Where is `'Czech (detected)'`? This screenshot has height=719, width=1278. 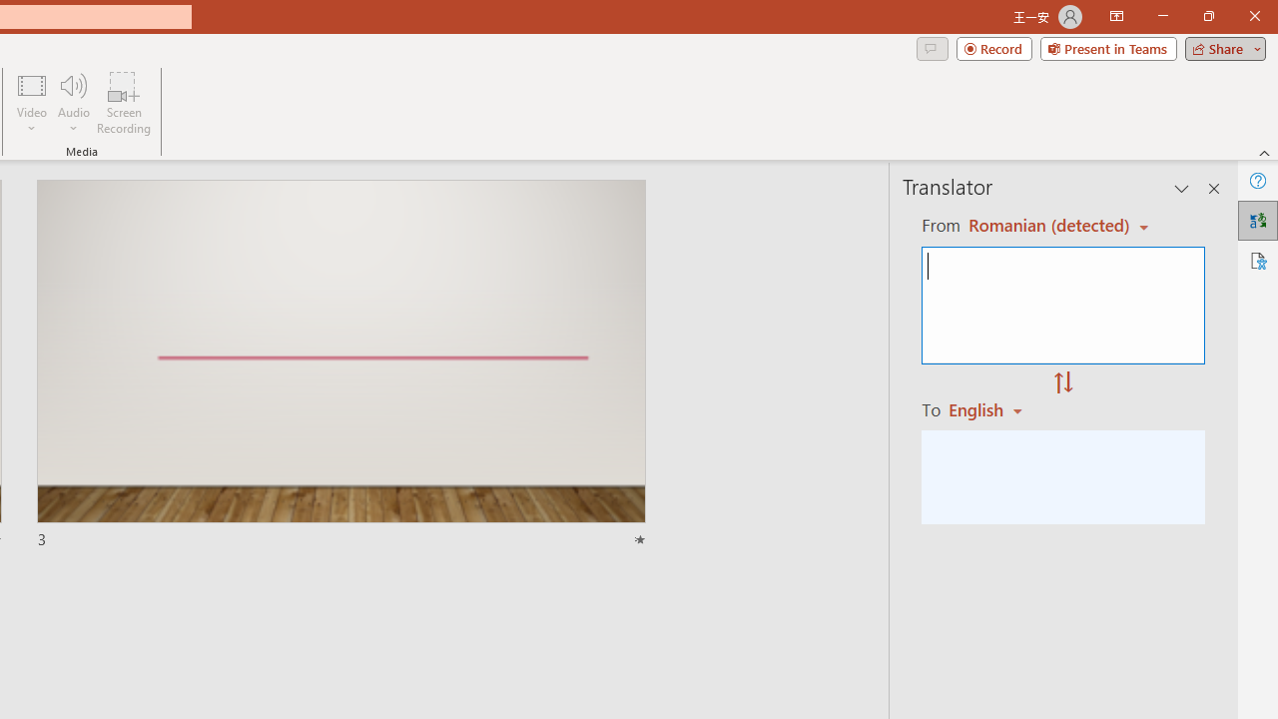 'Czech (detected)' is located at coordinates (1044, 225).